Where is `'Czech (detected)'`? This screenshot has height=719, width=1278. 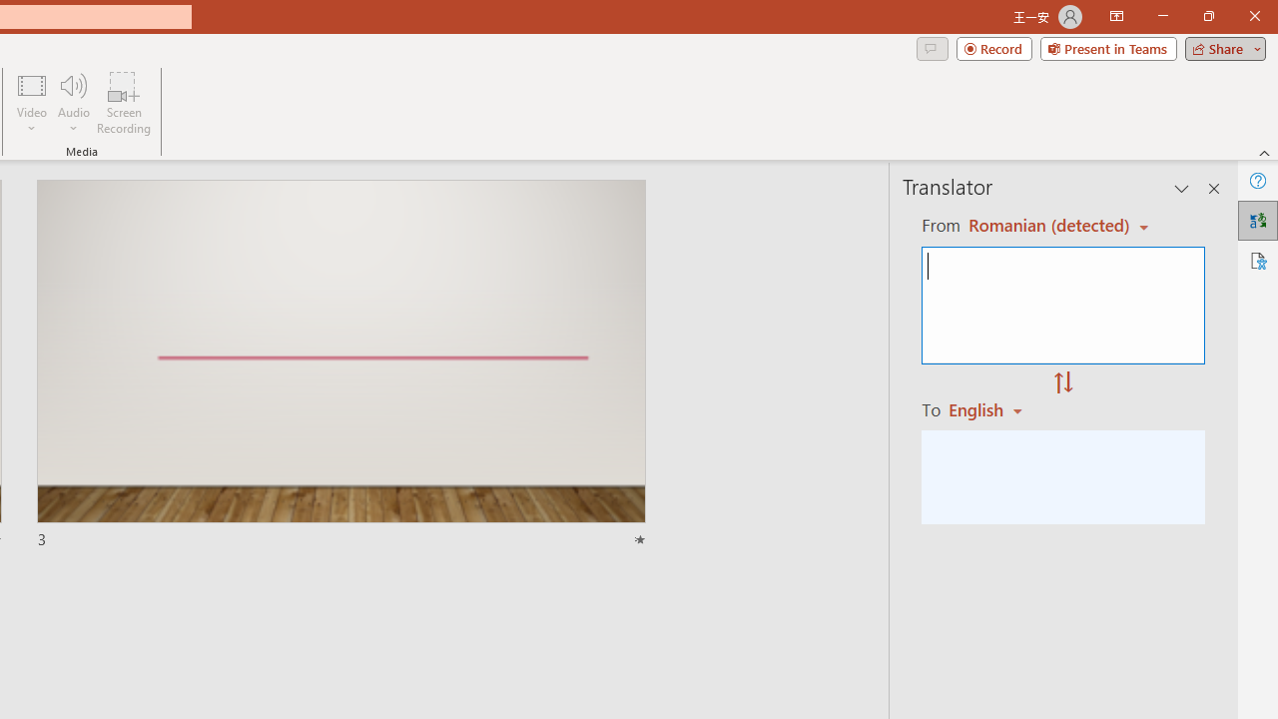 'Czech (detected)' is located at coordinates (1044, 225).